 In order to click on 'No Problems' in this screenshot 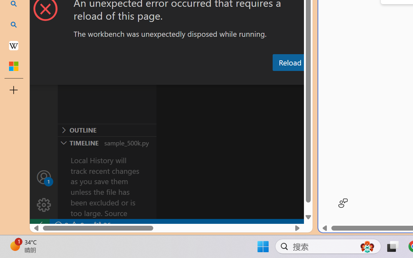, I will do `click(69, 225)`.